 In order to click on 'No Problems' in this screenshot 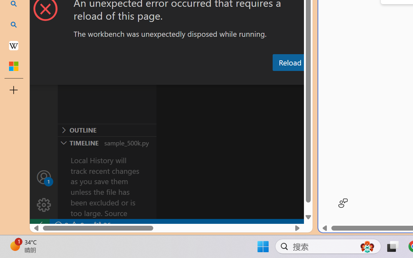, I will do `click(69, 225)`.